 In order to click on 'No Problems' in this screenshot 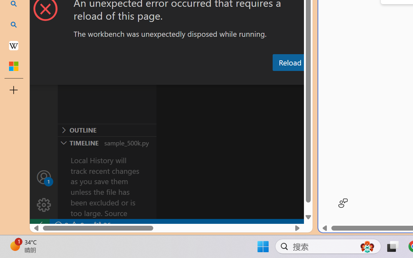, I will do `click(69, 225)`.